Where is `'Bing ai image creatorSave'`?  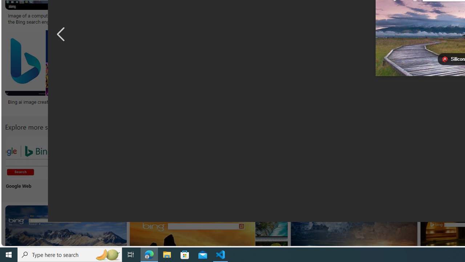
'Bing ai image creatorSave' is located at coordinates (43, 71).